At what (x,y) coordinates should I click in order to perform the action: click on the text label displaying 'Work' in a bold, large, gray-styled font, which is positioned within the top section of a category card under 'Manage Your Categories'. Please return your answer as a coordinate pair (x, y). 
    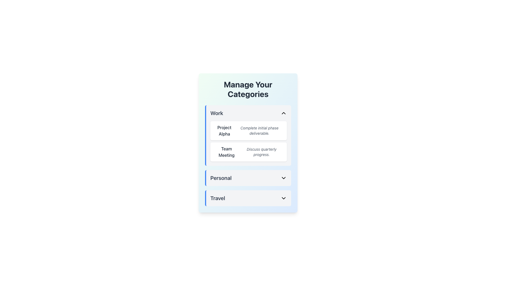
    Looking at the image, I should click on (217, 113).